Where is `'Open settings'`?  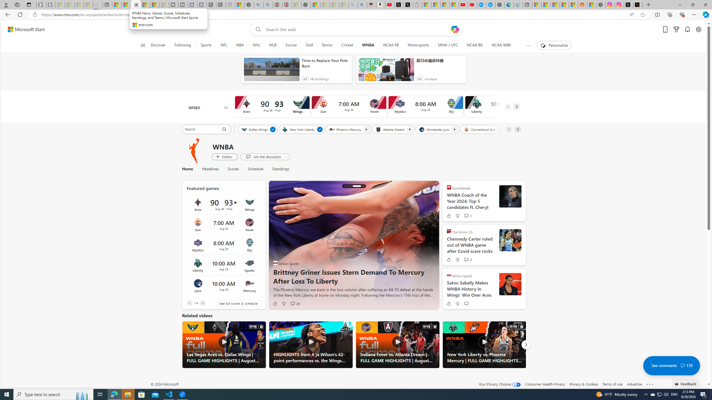
'Open settings' is located at coordinates (698, 29).